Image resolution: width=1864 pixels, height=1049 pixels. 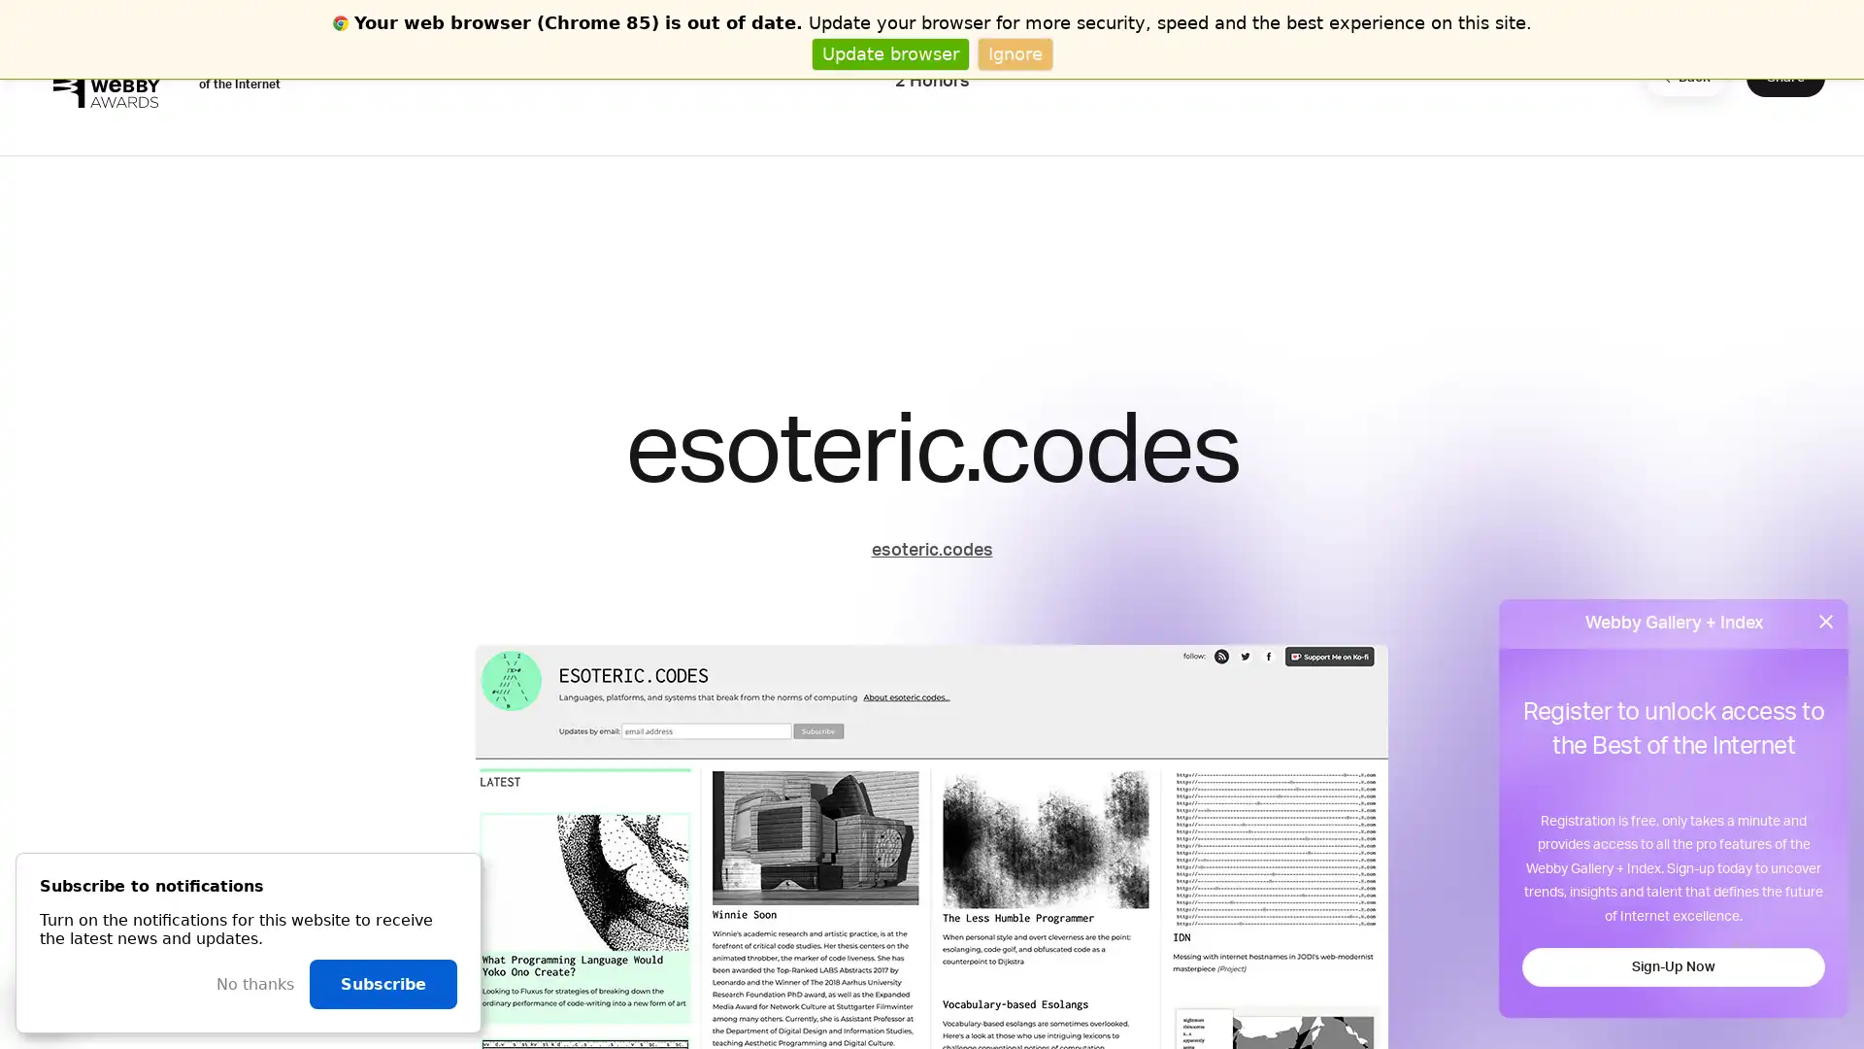 What do you see at coordinates (1014, 52) in the screenshot?
I see `Ignore` at bounding box center [1014, 52].